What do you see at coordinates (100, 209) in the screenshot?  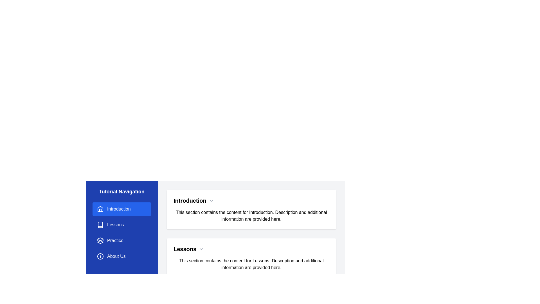 I see `the 'Introduction' icon located at the top of the button in the sidebar navigation menu` at bounding box center [100, 209].